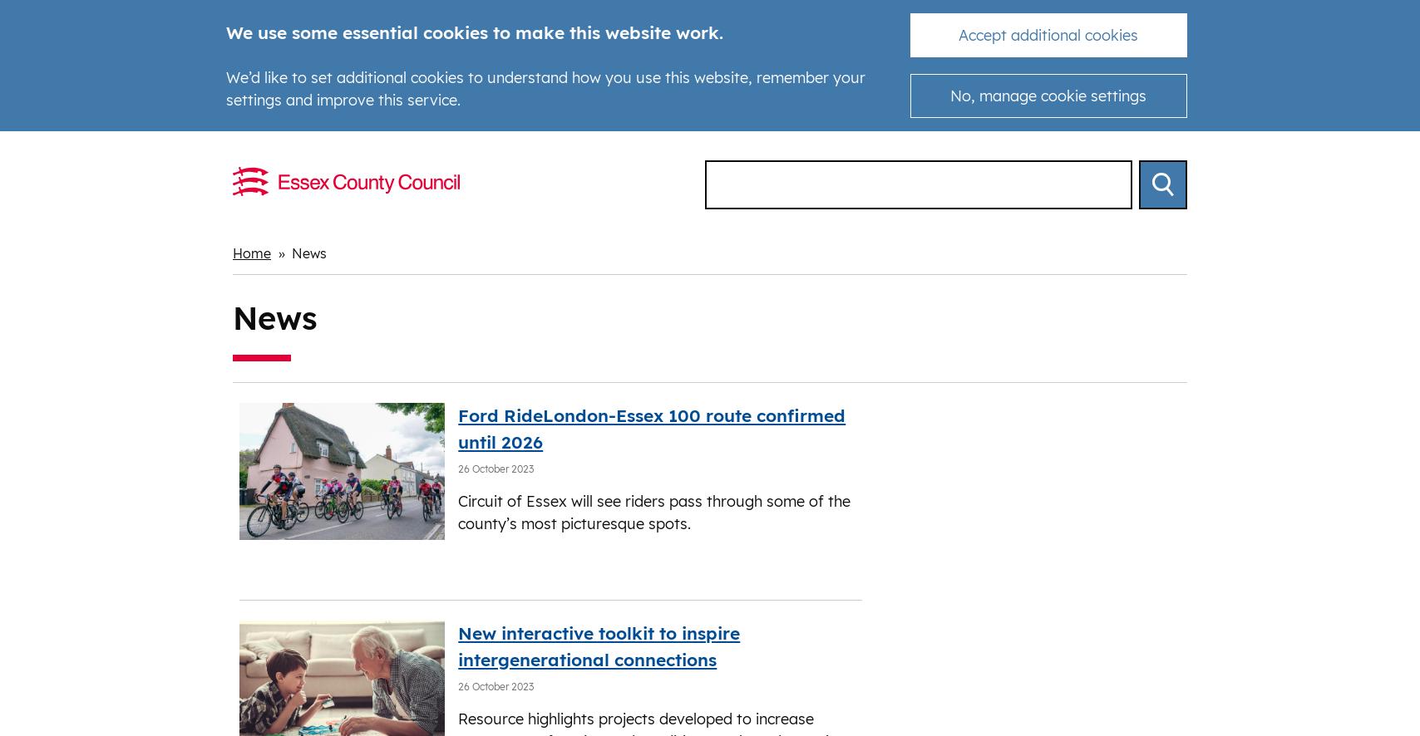  Describe the element at coordinates (474, 32) in the screenshot. I see `'We use some essential cookies to make this website work.'` at that location.